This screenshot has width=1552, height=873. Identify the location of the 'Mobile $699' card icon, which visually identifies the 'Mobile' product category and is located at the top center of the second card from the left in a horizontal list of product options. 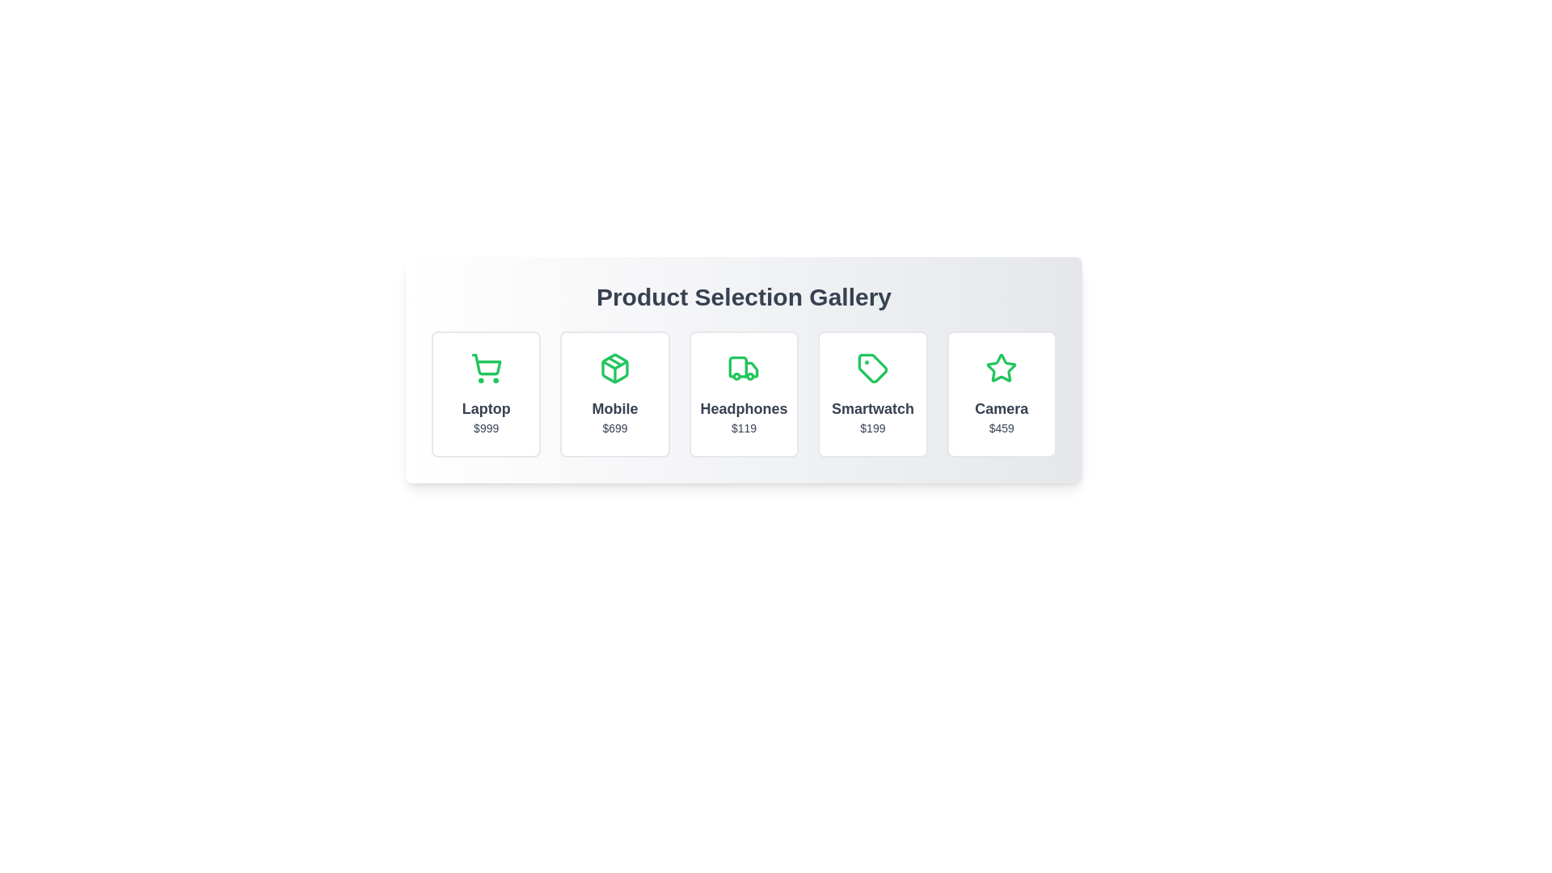
(614, 368).